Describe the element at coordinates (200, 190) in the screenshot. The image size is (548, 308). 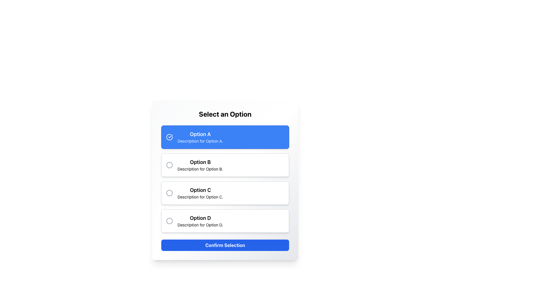
I see `text label 'Option C', which is the bold heading of the third option in the vertical list, positioned above 'Description for Option C.'` at that location.